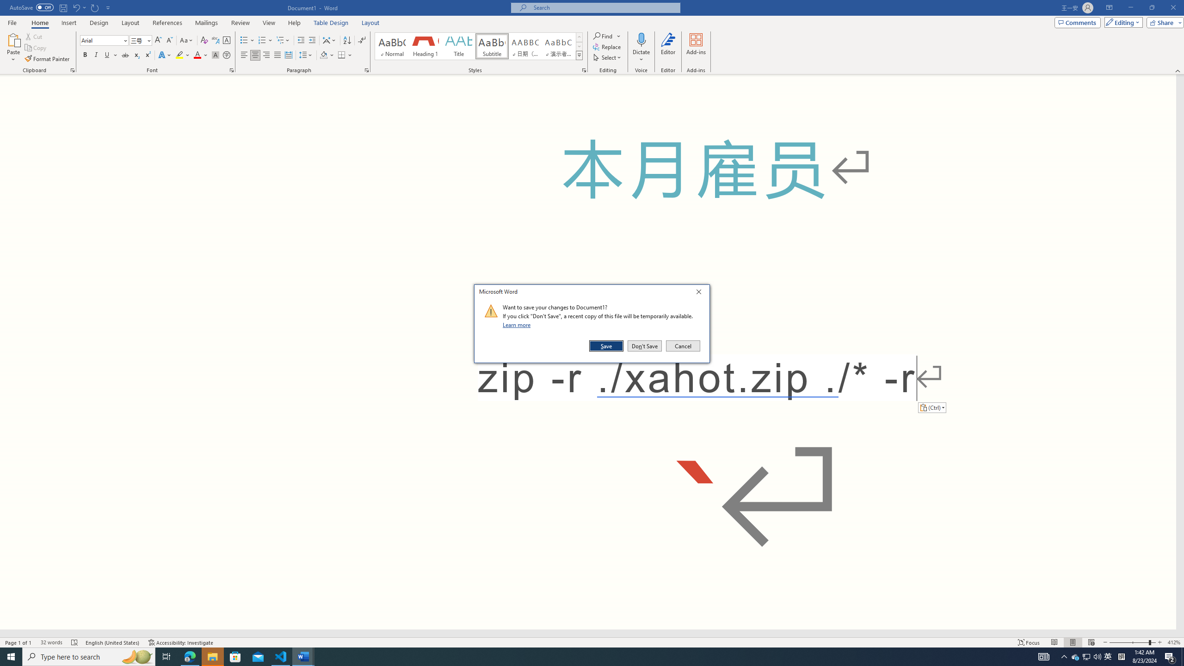  I want to click on 'Copy', so click(36, 48).